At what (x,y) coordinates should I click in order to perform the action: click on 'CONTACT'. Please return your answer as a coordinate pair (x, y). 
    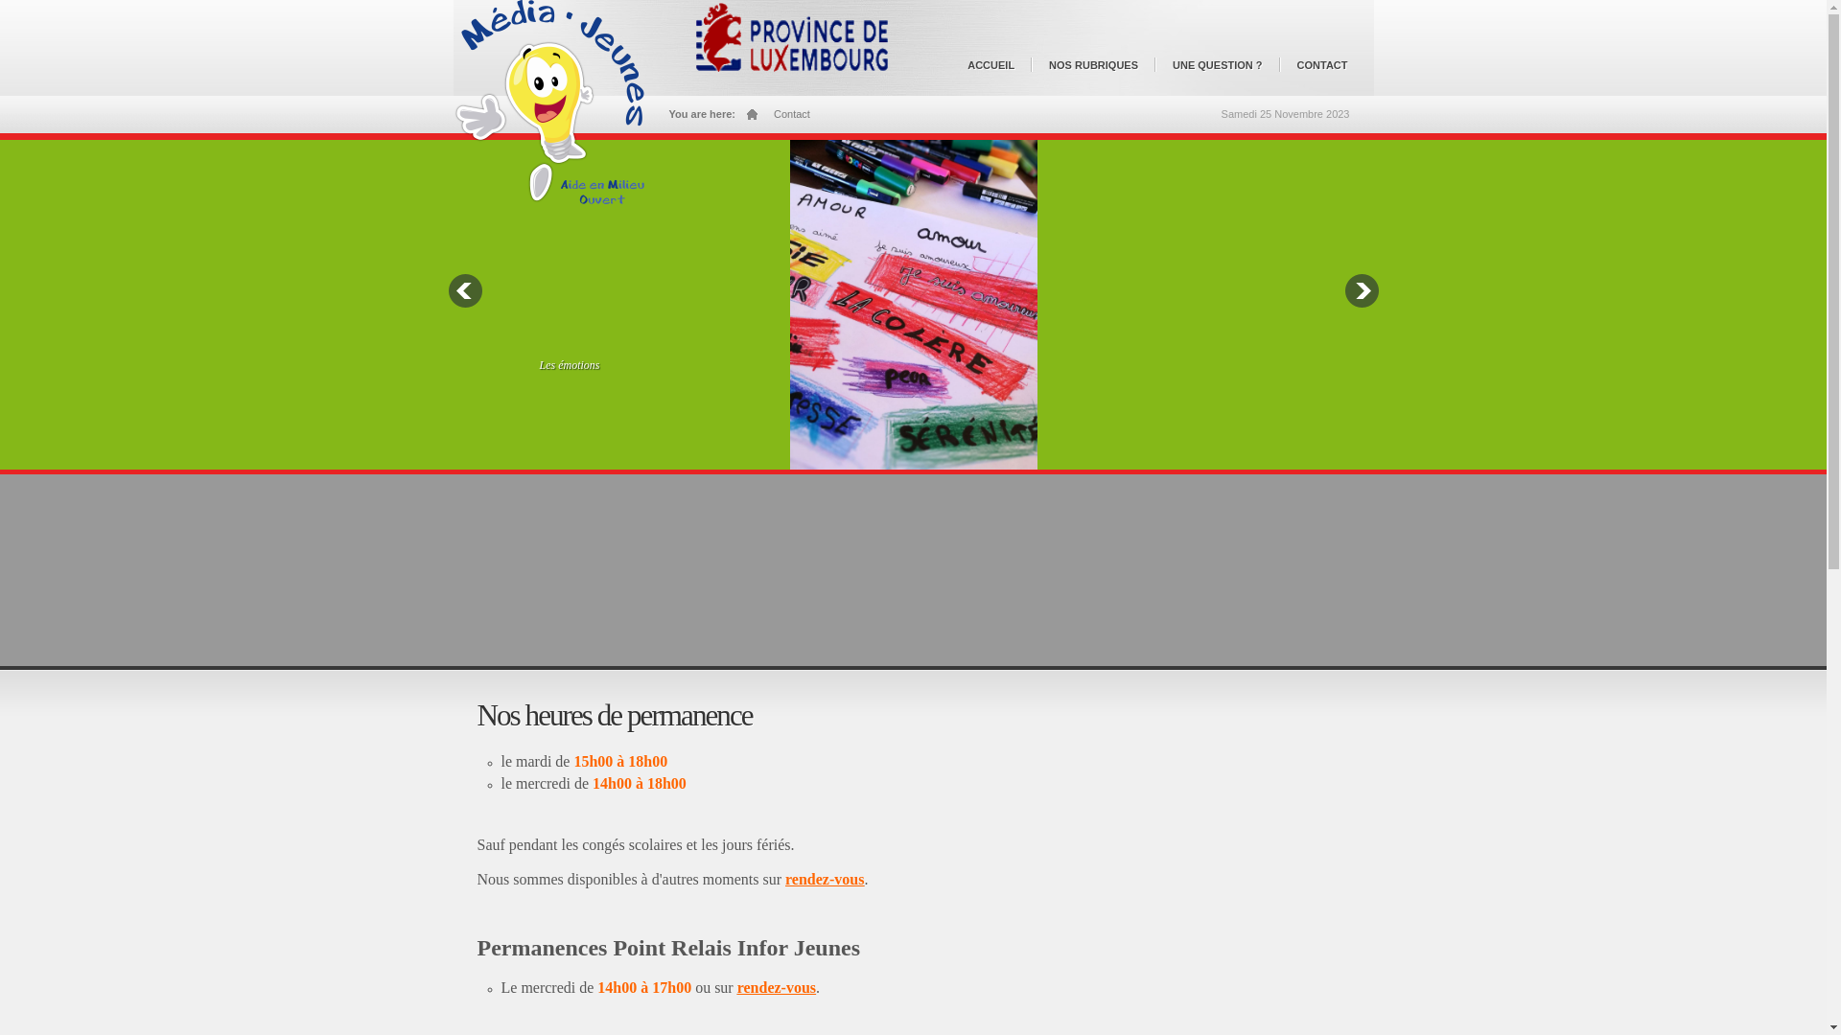
    Looking at the image, I should click on (1326, 73).